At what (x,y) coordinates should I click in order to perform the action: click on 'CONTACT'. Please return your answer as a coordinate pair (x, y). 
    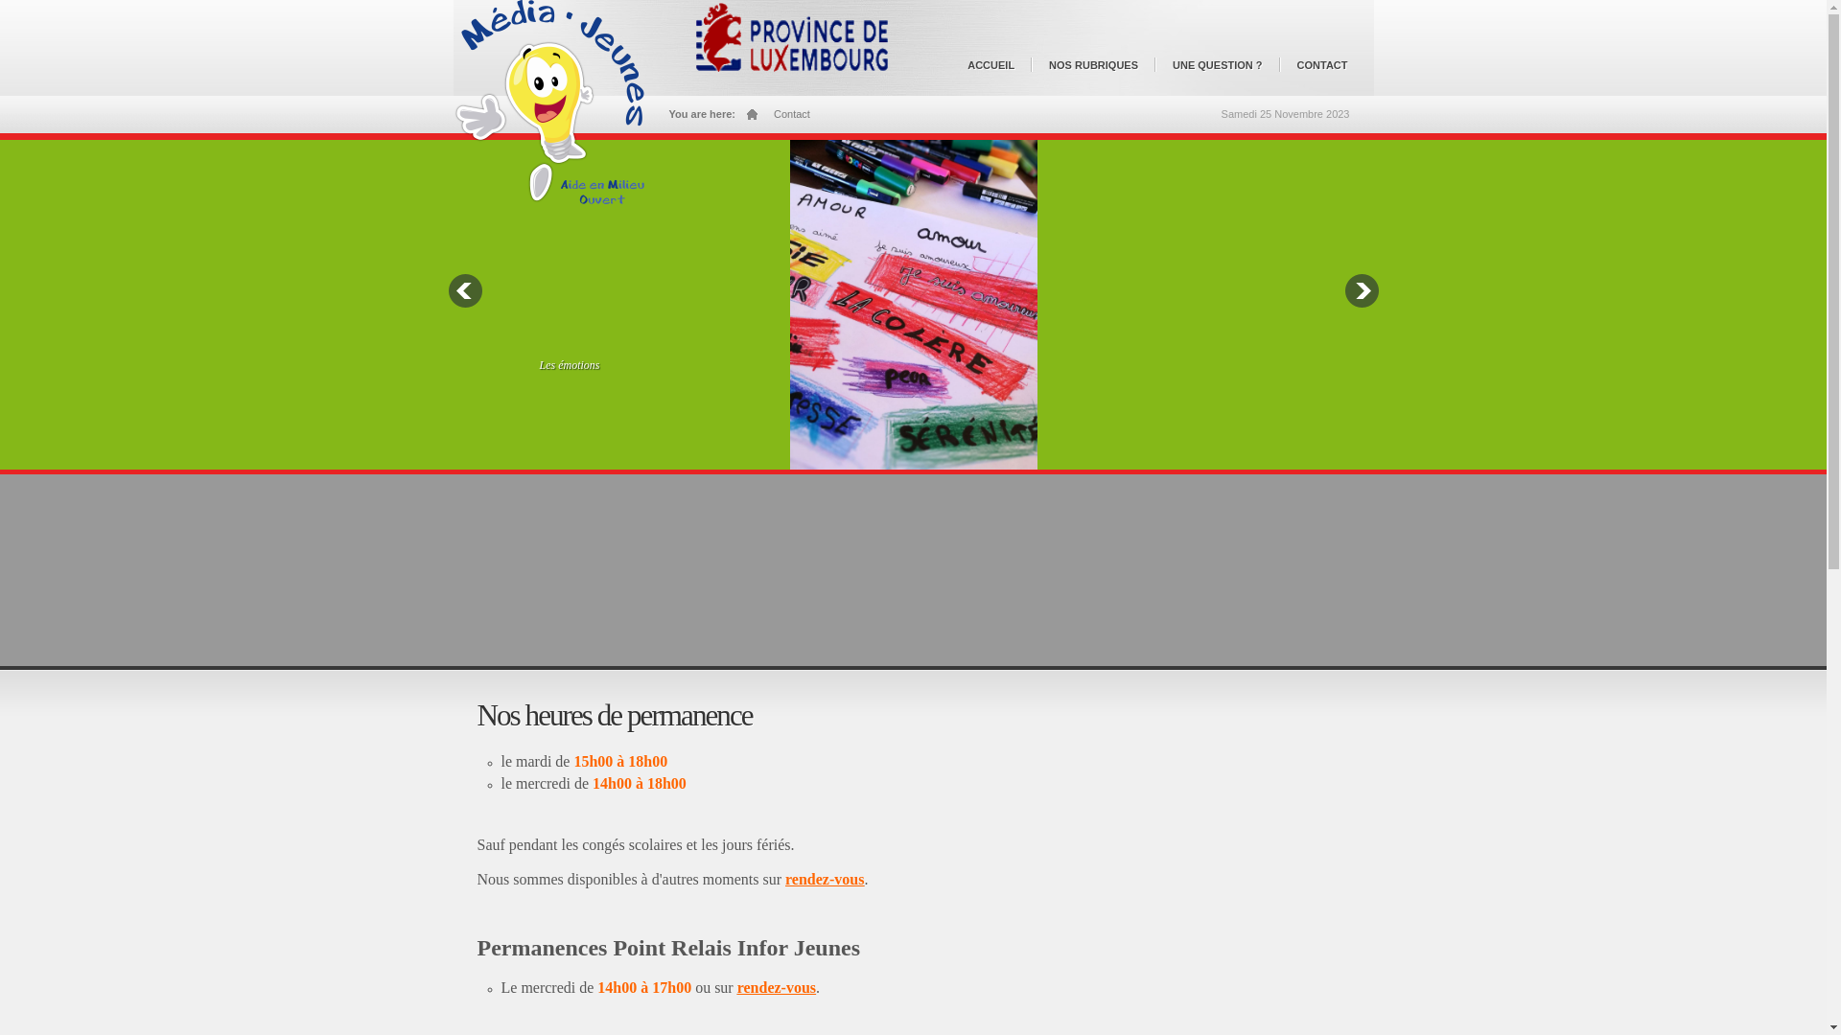
    Looking at the image, I should click on (1326, 73).